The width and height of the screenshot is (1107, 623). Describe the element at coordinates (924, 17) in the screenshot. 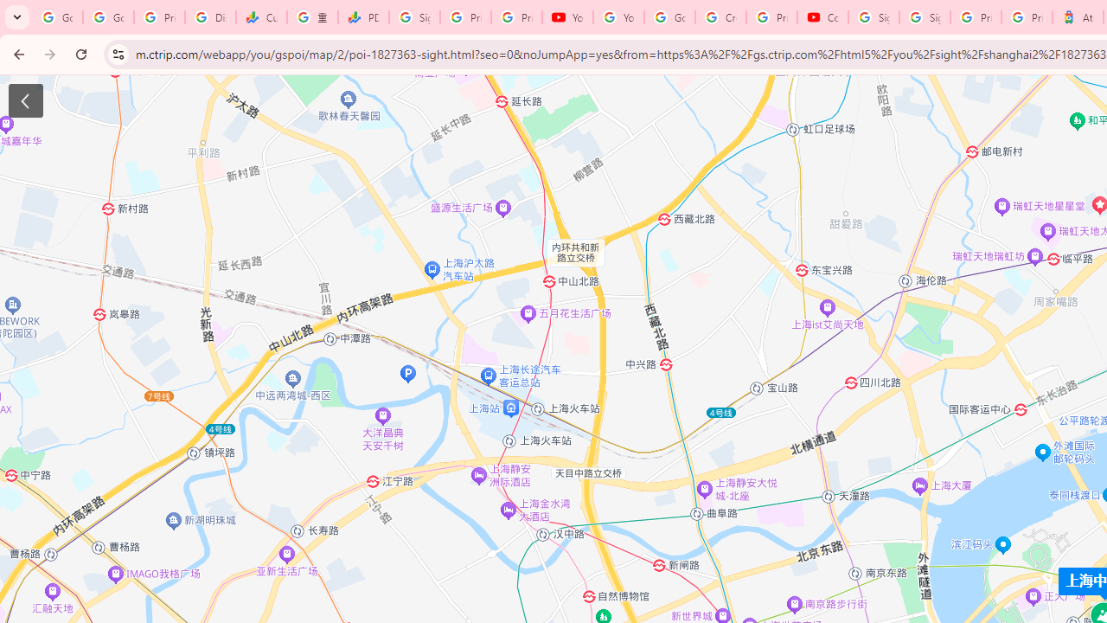

I see `'Sign in - Google Accounts'` at that location.